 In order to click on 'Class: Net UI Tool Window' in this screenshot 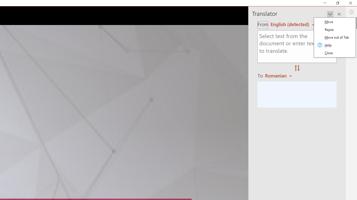, I will do `click(335, 37)`.